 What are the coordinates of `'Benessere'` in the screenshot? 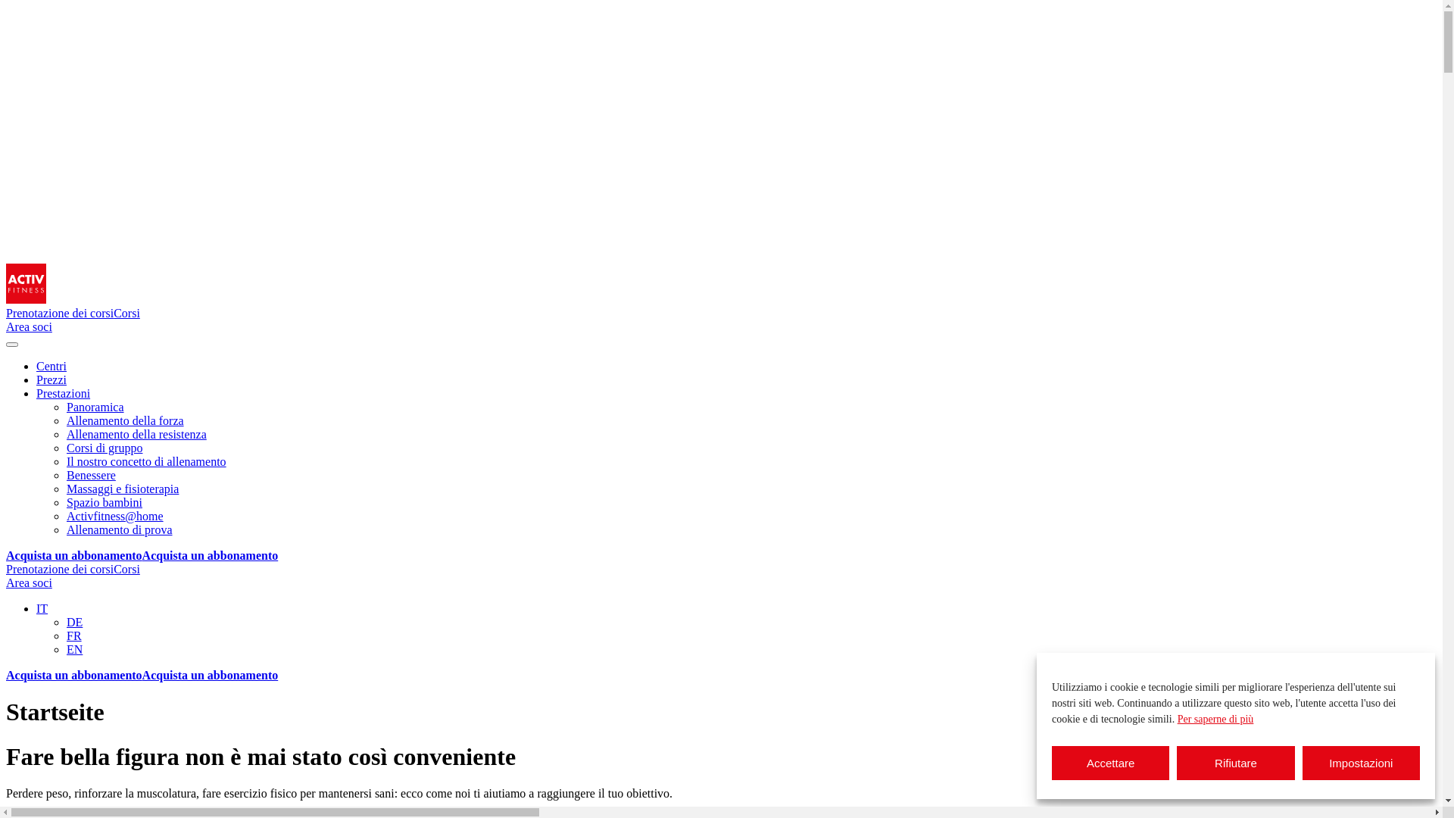 It's located at (90, 474).